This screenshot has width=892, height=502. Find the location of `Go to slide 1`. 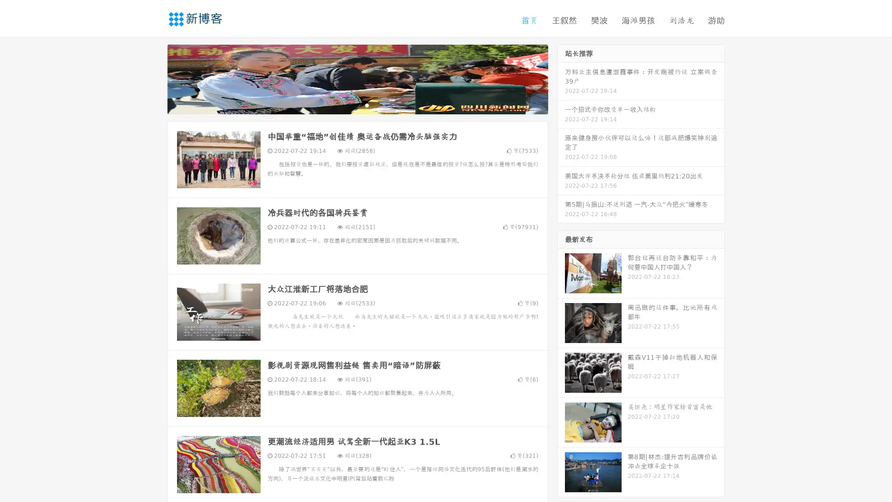

Go to slide 1 is located at coordinates (348, 105).